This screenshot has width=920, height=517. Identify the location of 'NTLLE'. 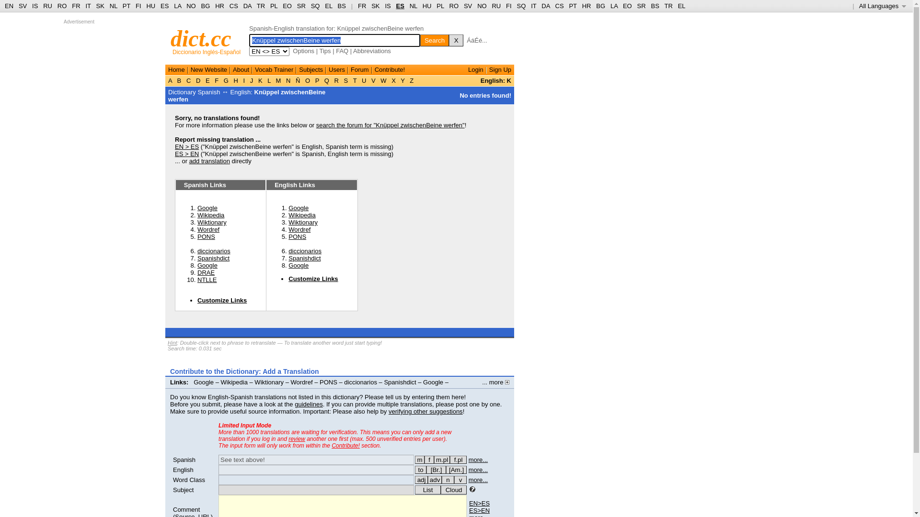
(207, 280).